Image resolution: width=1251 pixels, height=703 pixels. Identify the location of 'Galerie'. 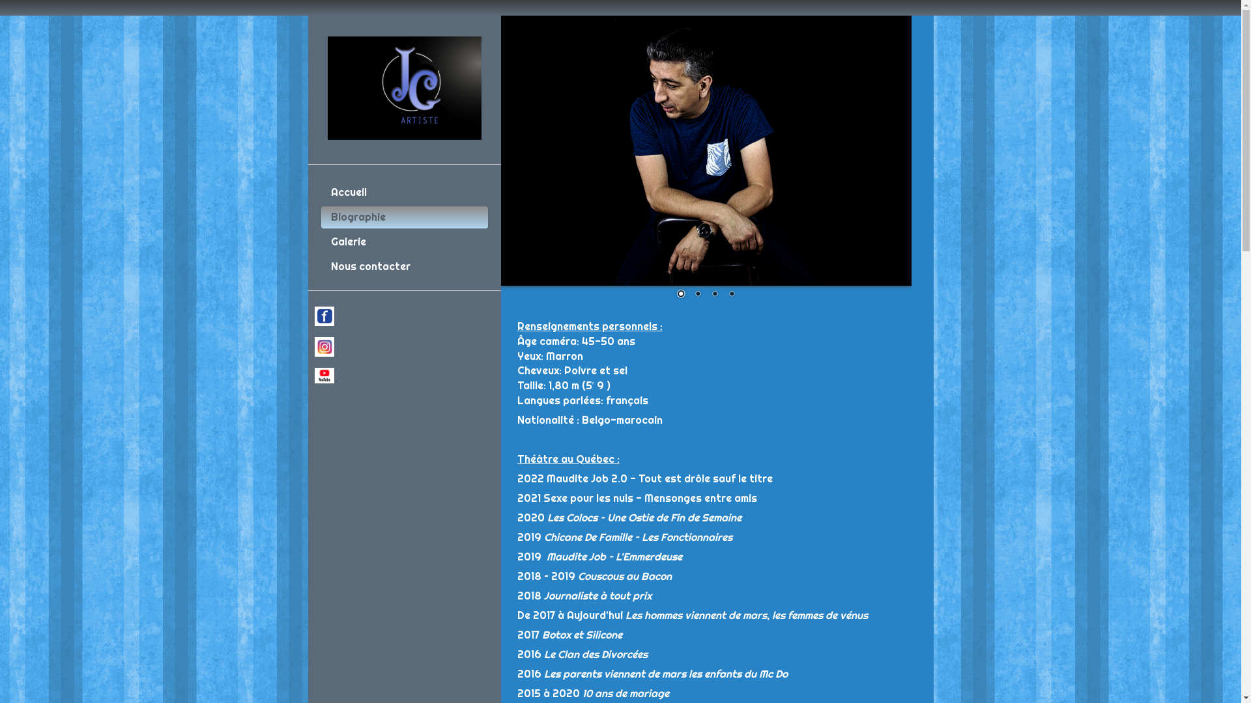
(403, 241).